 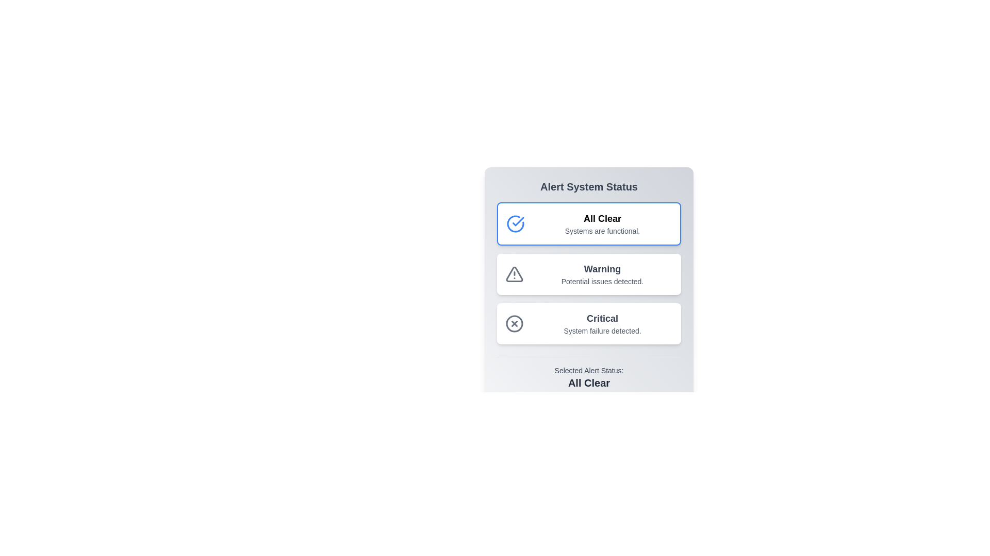 What do you see at coordinates (589, 371) in the screenshot?
I see `the Text label that indicates the current alert status, providing context for the accompanying information` at bounding box center [589, 371].